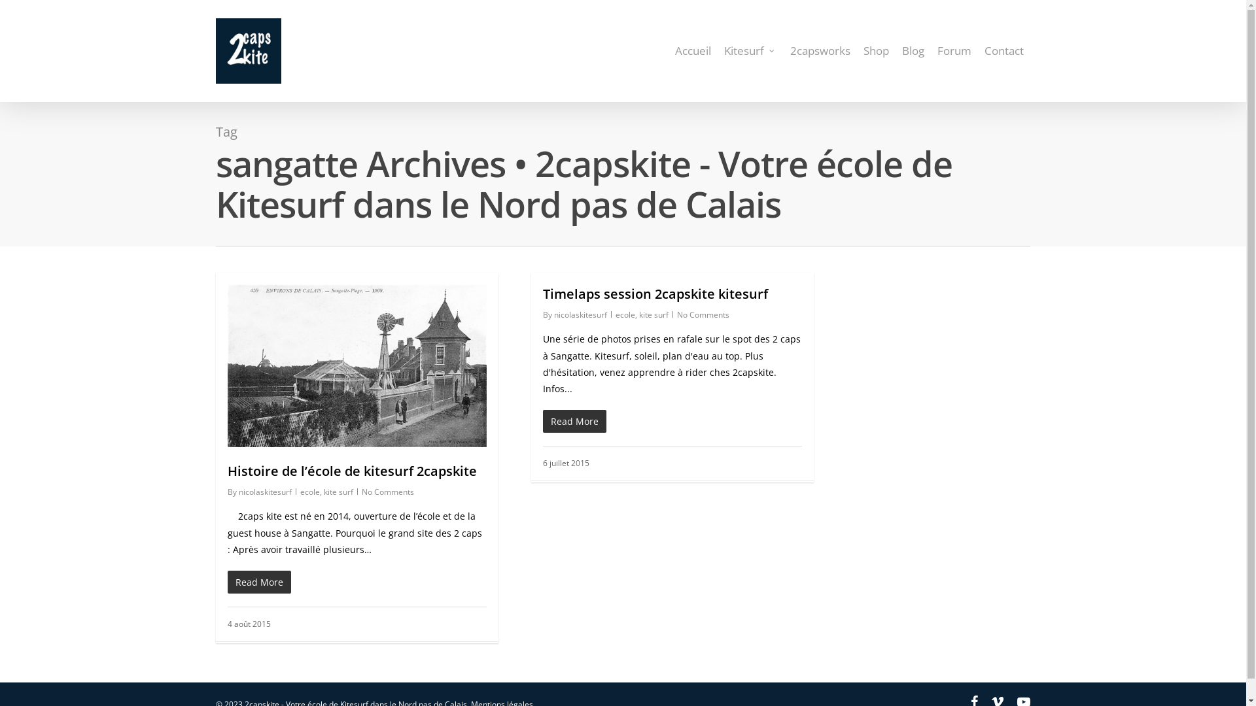 This screenshot has height=706, width=1256. Describe the element at coordinates (624, 314) in the screenshot. I see `'ecole'` at that location.